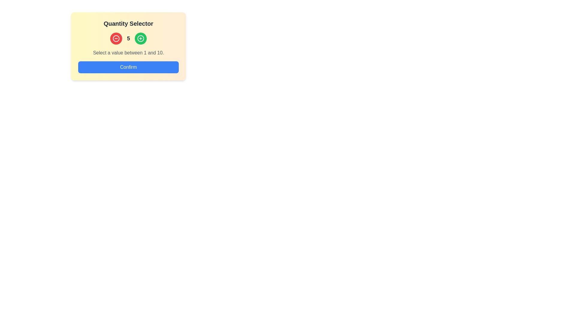 The height and width of the screenshot is (323, 575). Describe the element at coordinates (116, 38) in the screenshot. I see `the circular red button with a white minus symbol, located below the 'Quantity Selector' header` at that location.